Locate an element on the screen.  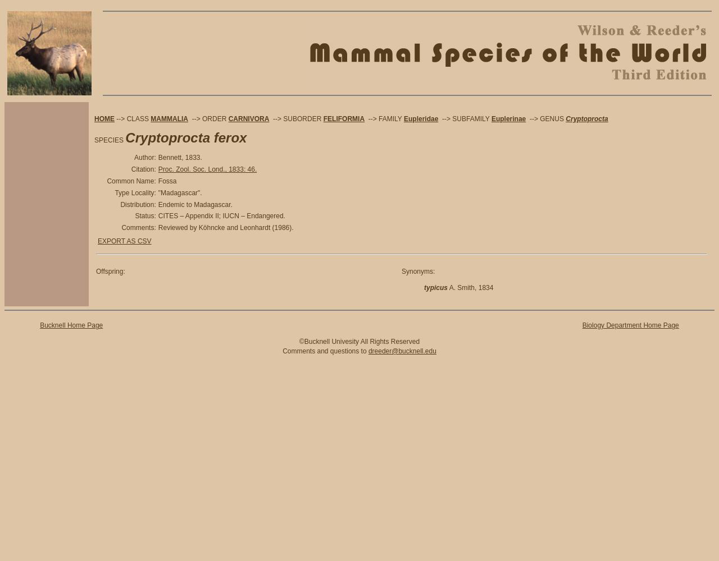
'Bucknell Home Page' is located at coordinates (70, 325).